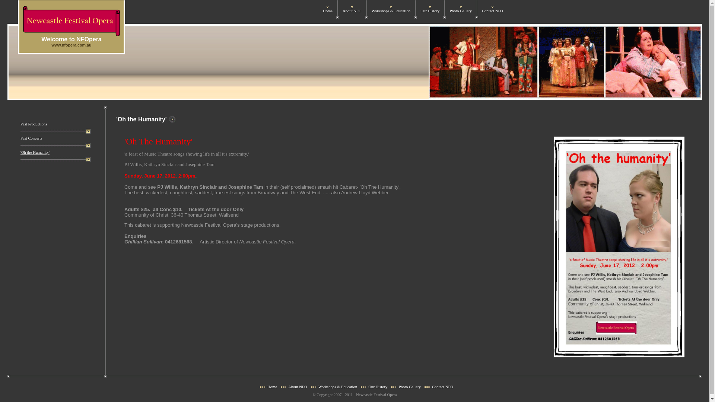 The image size is (715, 402). I want to click on 'Our History', so click(430, 11).